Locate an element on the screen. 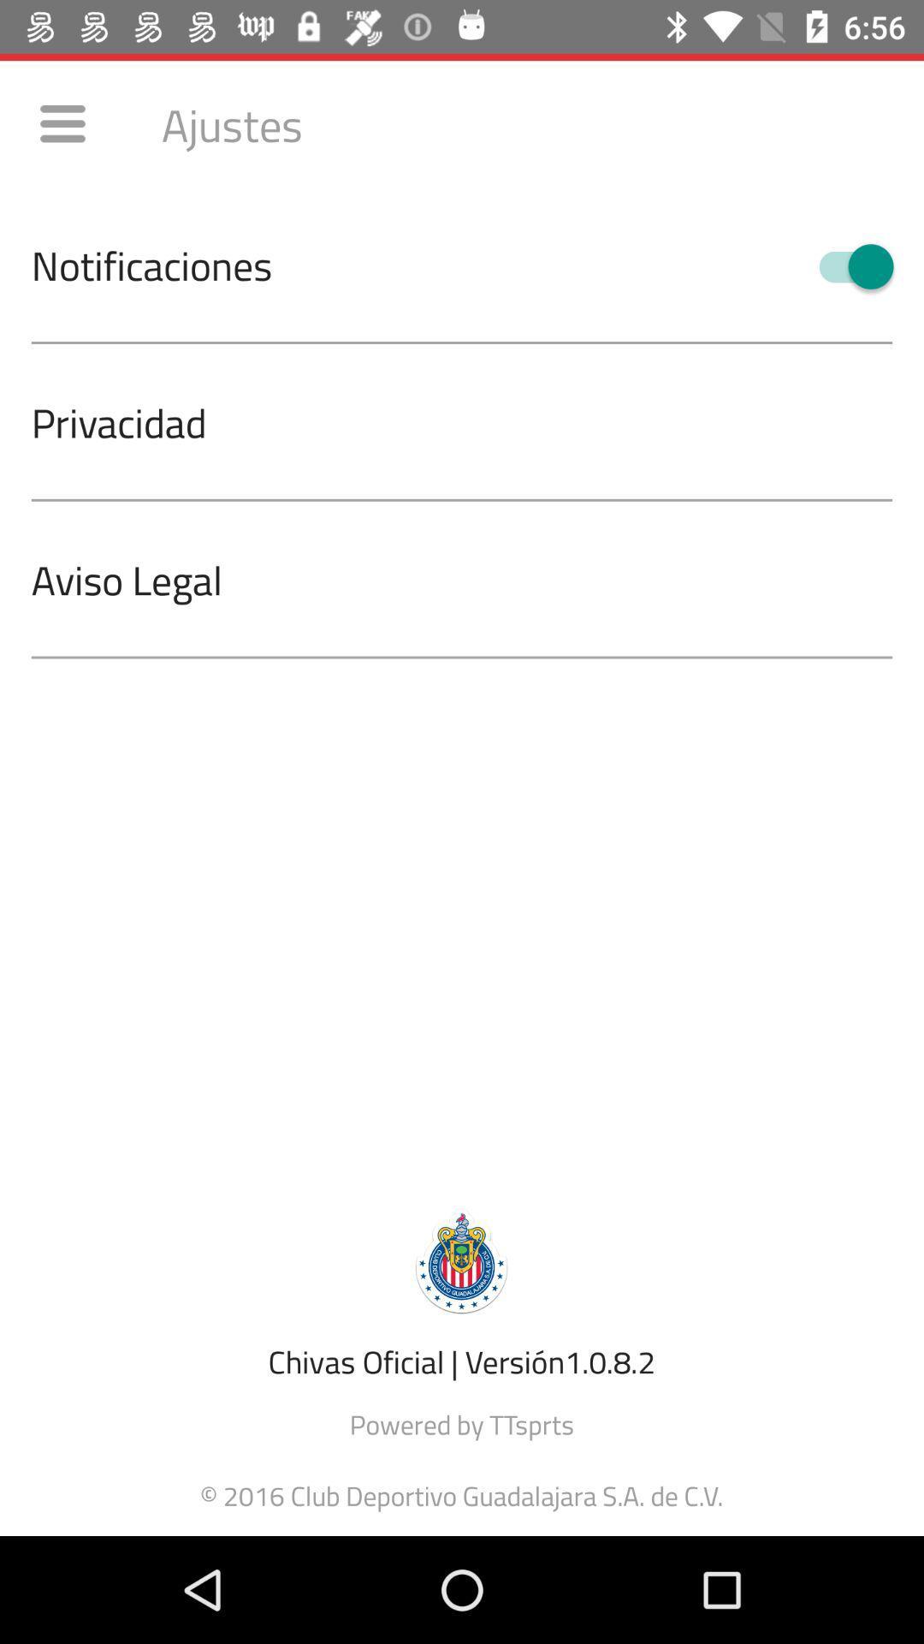 Image resolution: width=924 pixels, height=1644 pixels. the icon to the right of notificaciones is located at coordinates (848, 265).